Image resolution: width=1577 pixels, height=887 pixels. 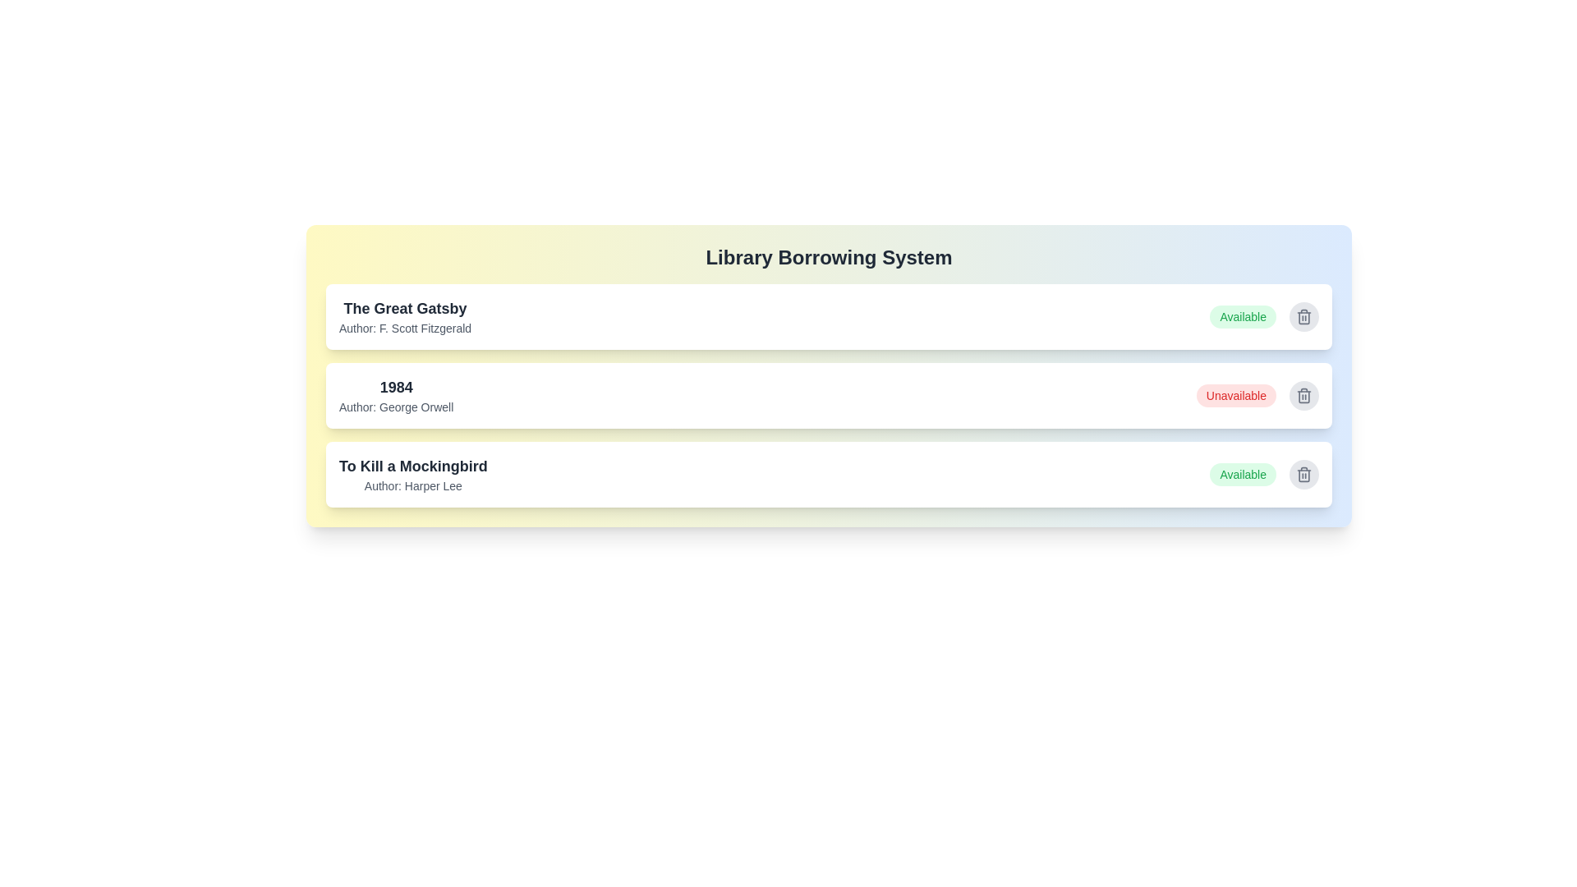 What do you see at coordinates (829, 257) in the screenshot?
I see `the header title 'Library Borrowing System'` at bounding box center [829, 257].